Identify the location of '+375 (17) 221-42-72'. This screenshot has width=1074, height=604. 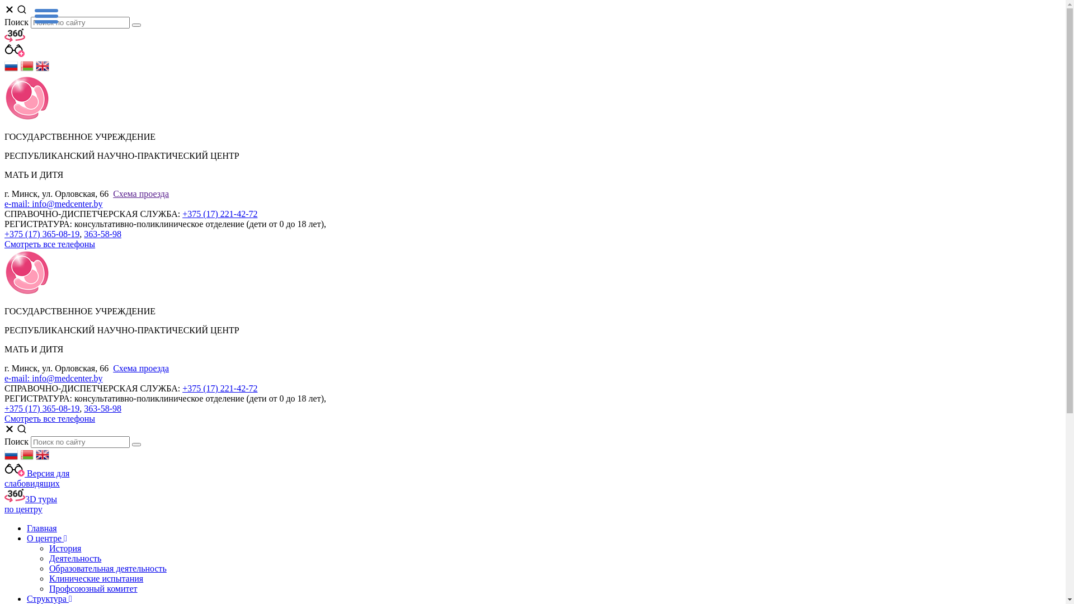
(220, 388).